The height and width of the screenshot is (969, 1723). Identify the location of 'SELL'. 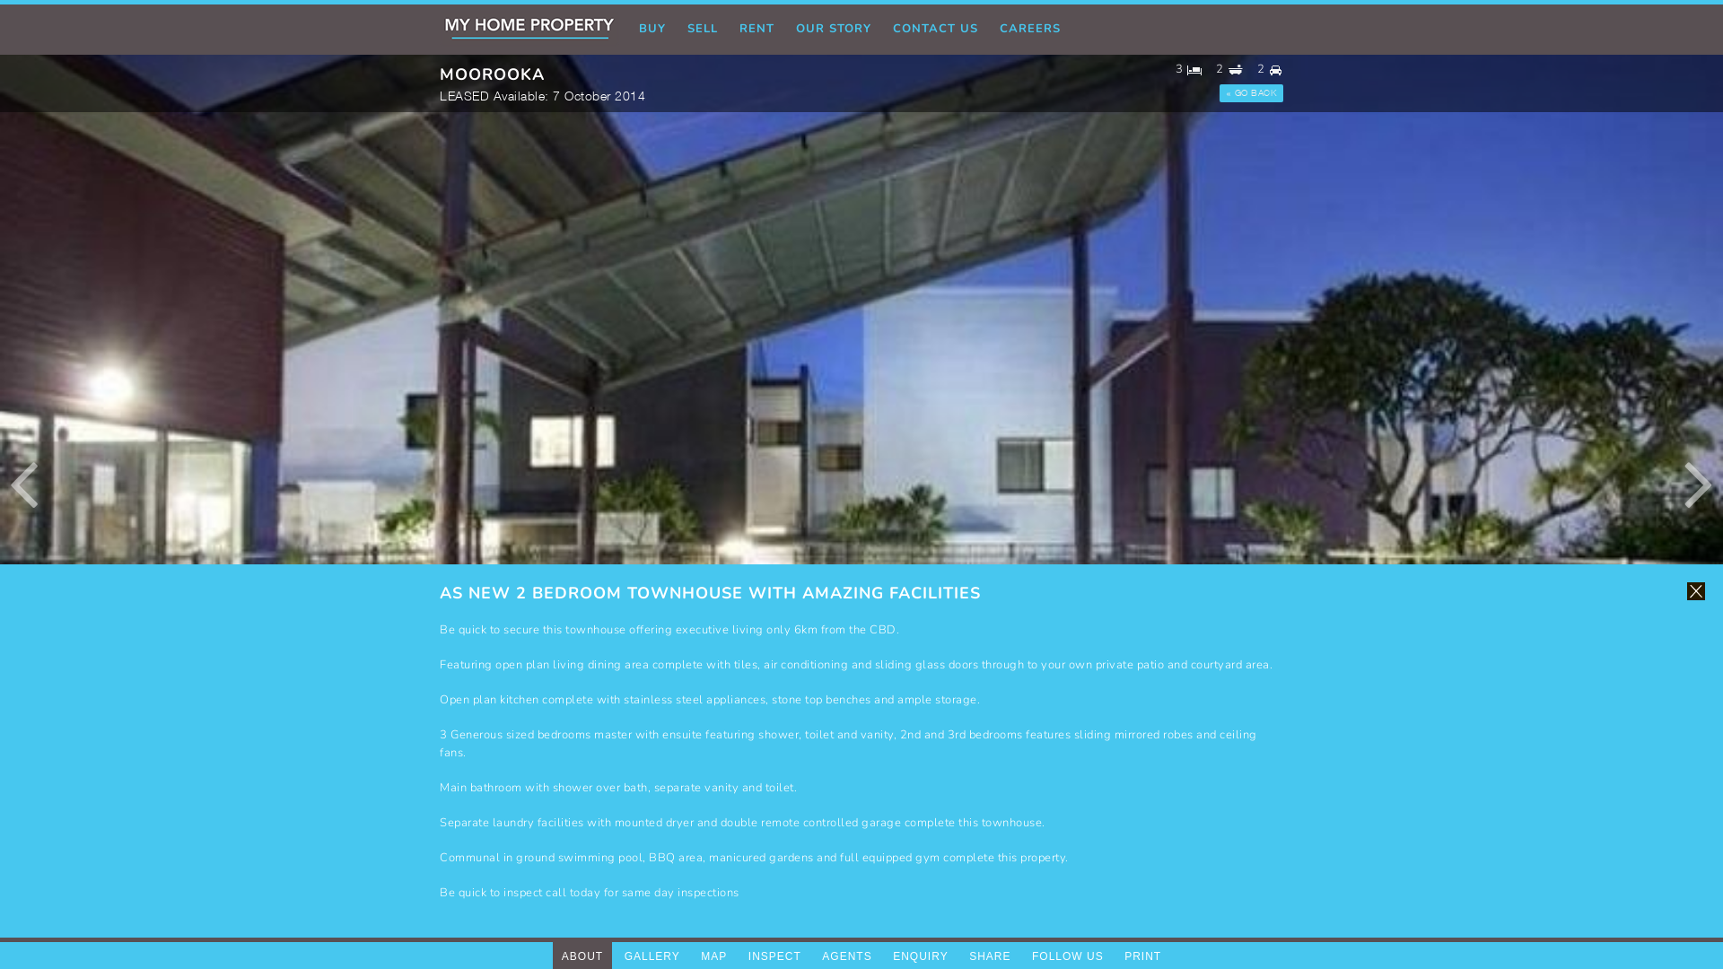
(701, 30).